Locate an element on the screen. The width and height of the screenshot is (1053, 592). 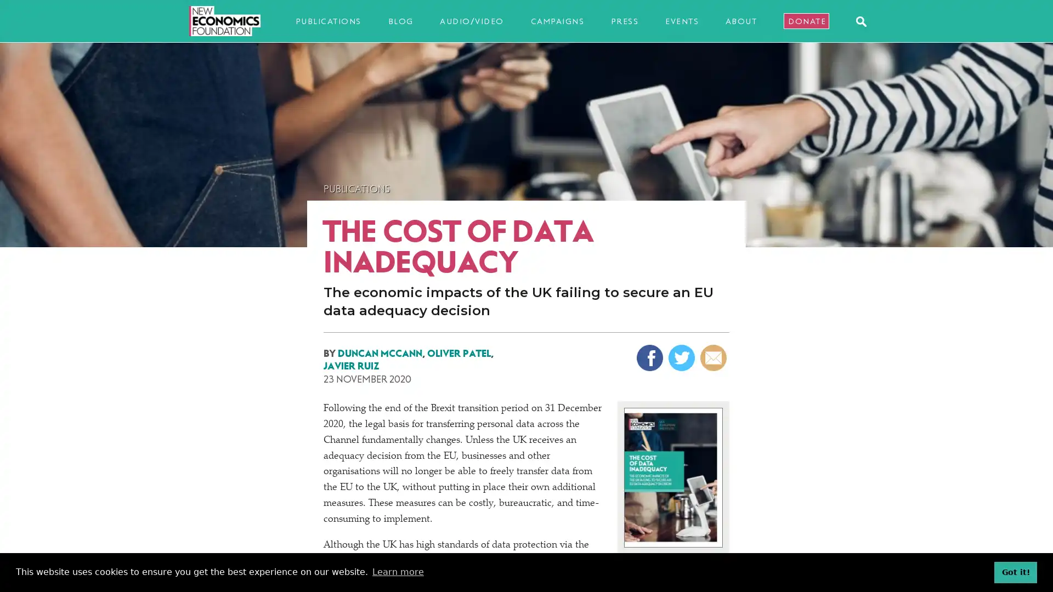
dismiss cookie message is located at coordinates (1015, 572).